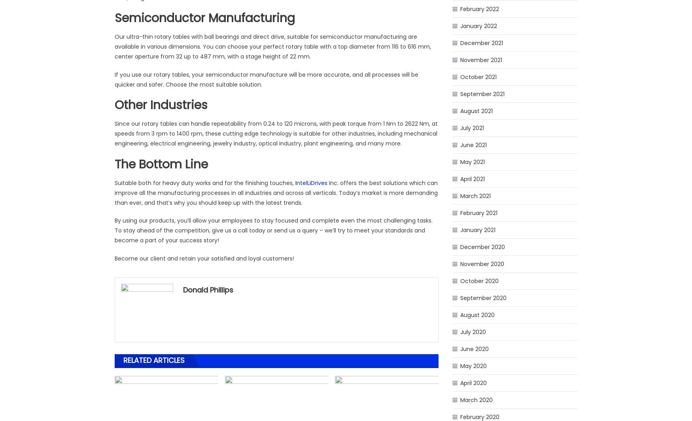 The height and width of the screenshot is (421, 692). What do you see at coordinates (472, 127) in the screenshot?
I see `'July 2021'` at bounding box center [472, 127].